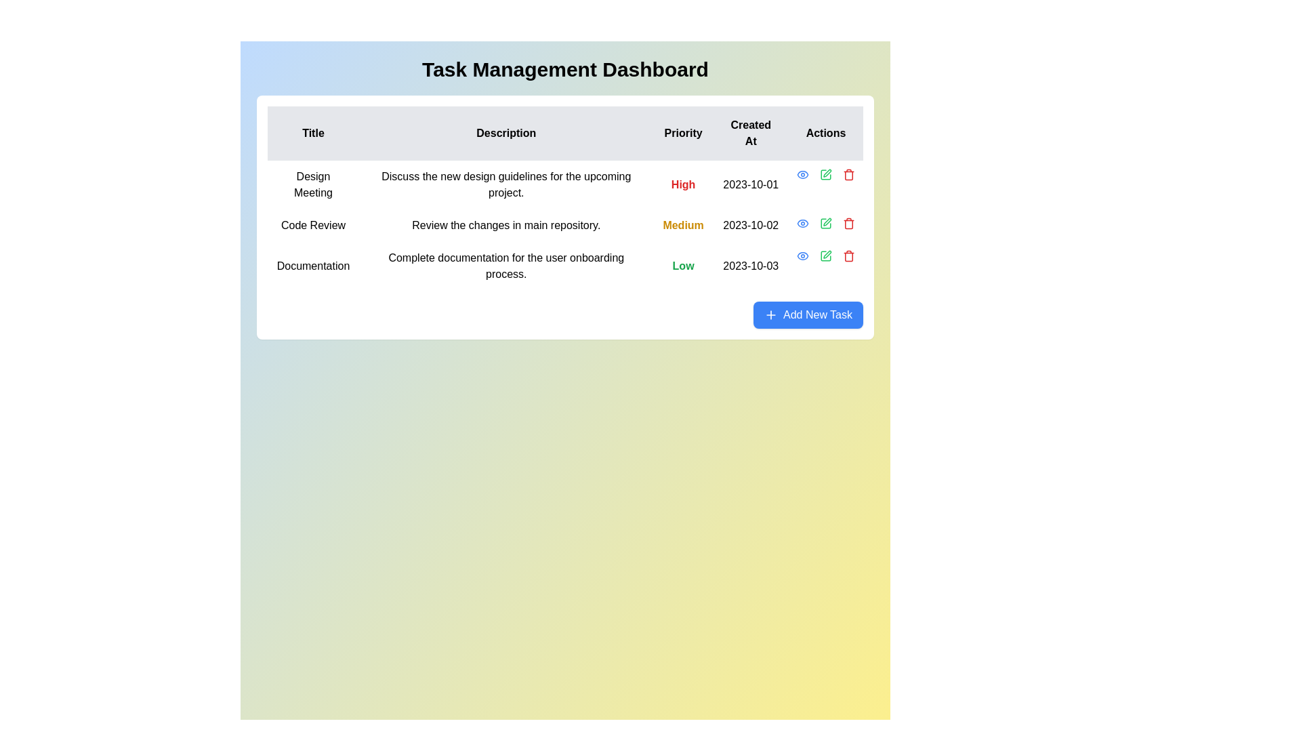 The image size is (1301, 732). Describe the element at coordinates (848, 175) in the screenshot. I see `the vertical line with rounded ends that is part of the trash icon in the 'Actions' column of the task table corresponding to the 'Documentation' row` at that location.